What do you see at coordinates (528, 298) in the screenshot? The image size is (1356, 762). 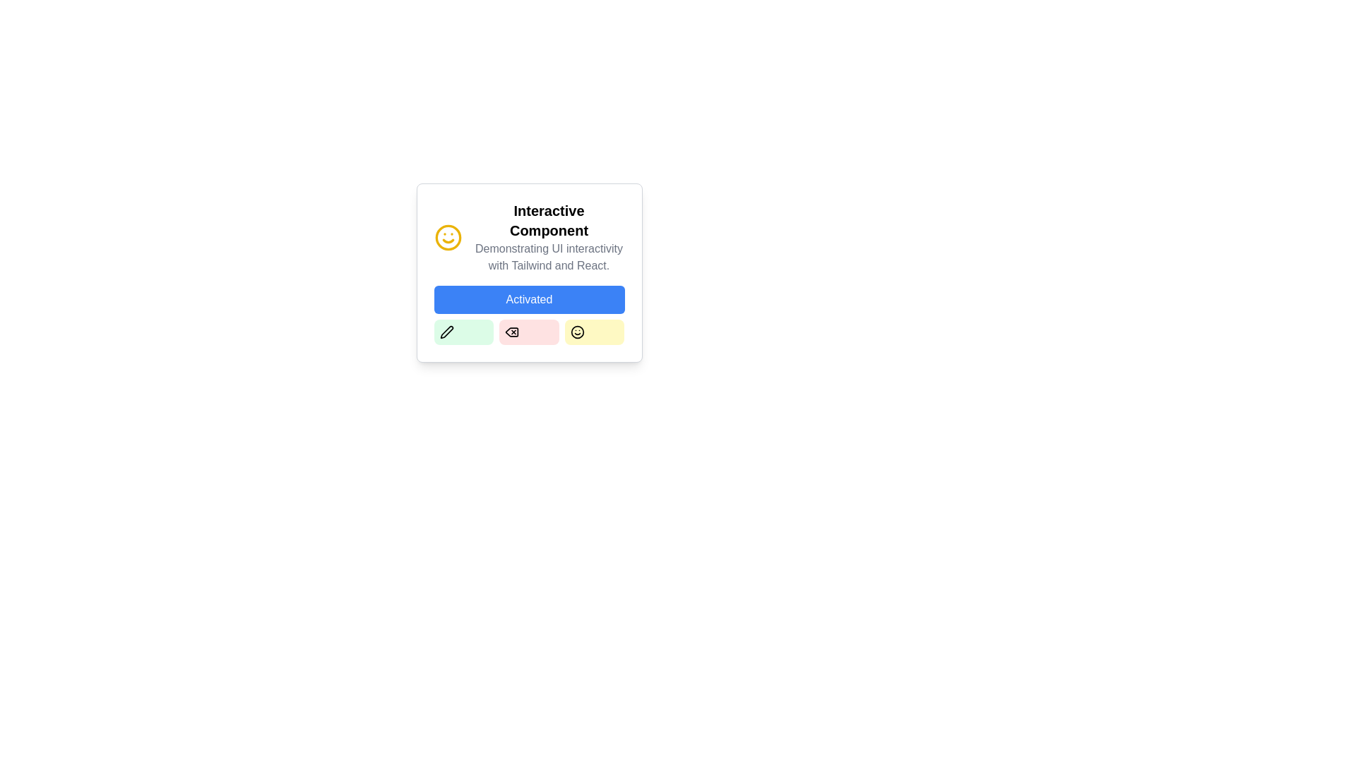 I see `the rectangular button labeled 'Activated' with a blue background` at bounding box center [528, 298].